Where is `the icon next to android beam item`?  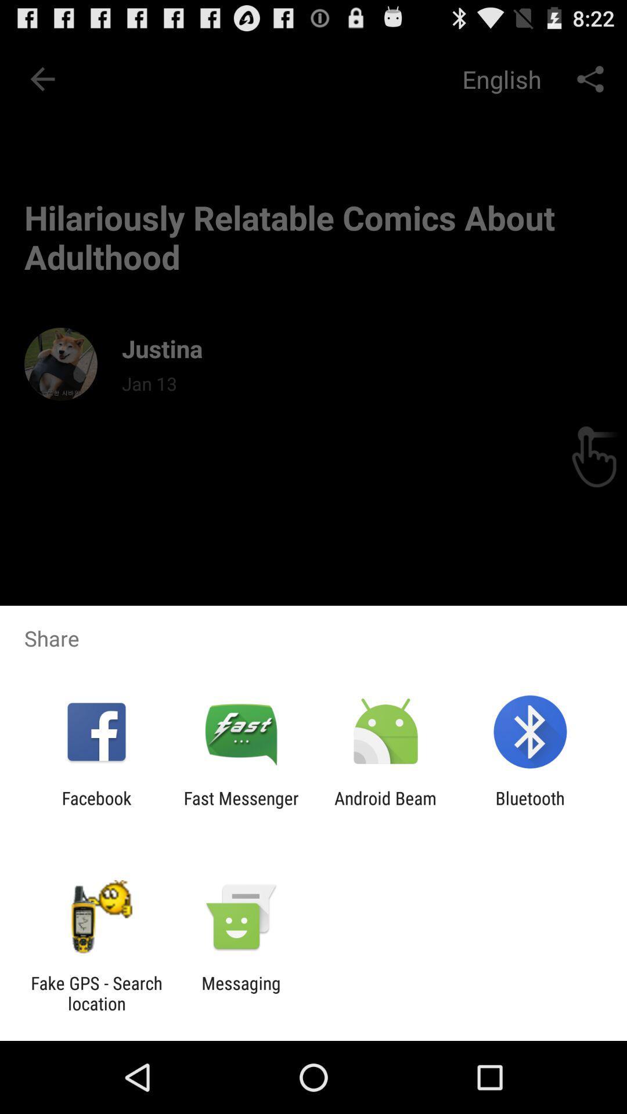 the icon next to android beam item is located at coordinates (240, 808).